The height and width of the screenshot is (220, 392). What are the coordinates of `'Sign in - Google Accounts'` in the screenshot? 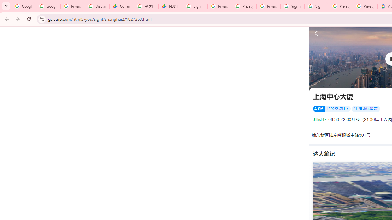 It's located at (317, 6).